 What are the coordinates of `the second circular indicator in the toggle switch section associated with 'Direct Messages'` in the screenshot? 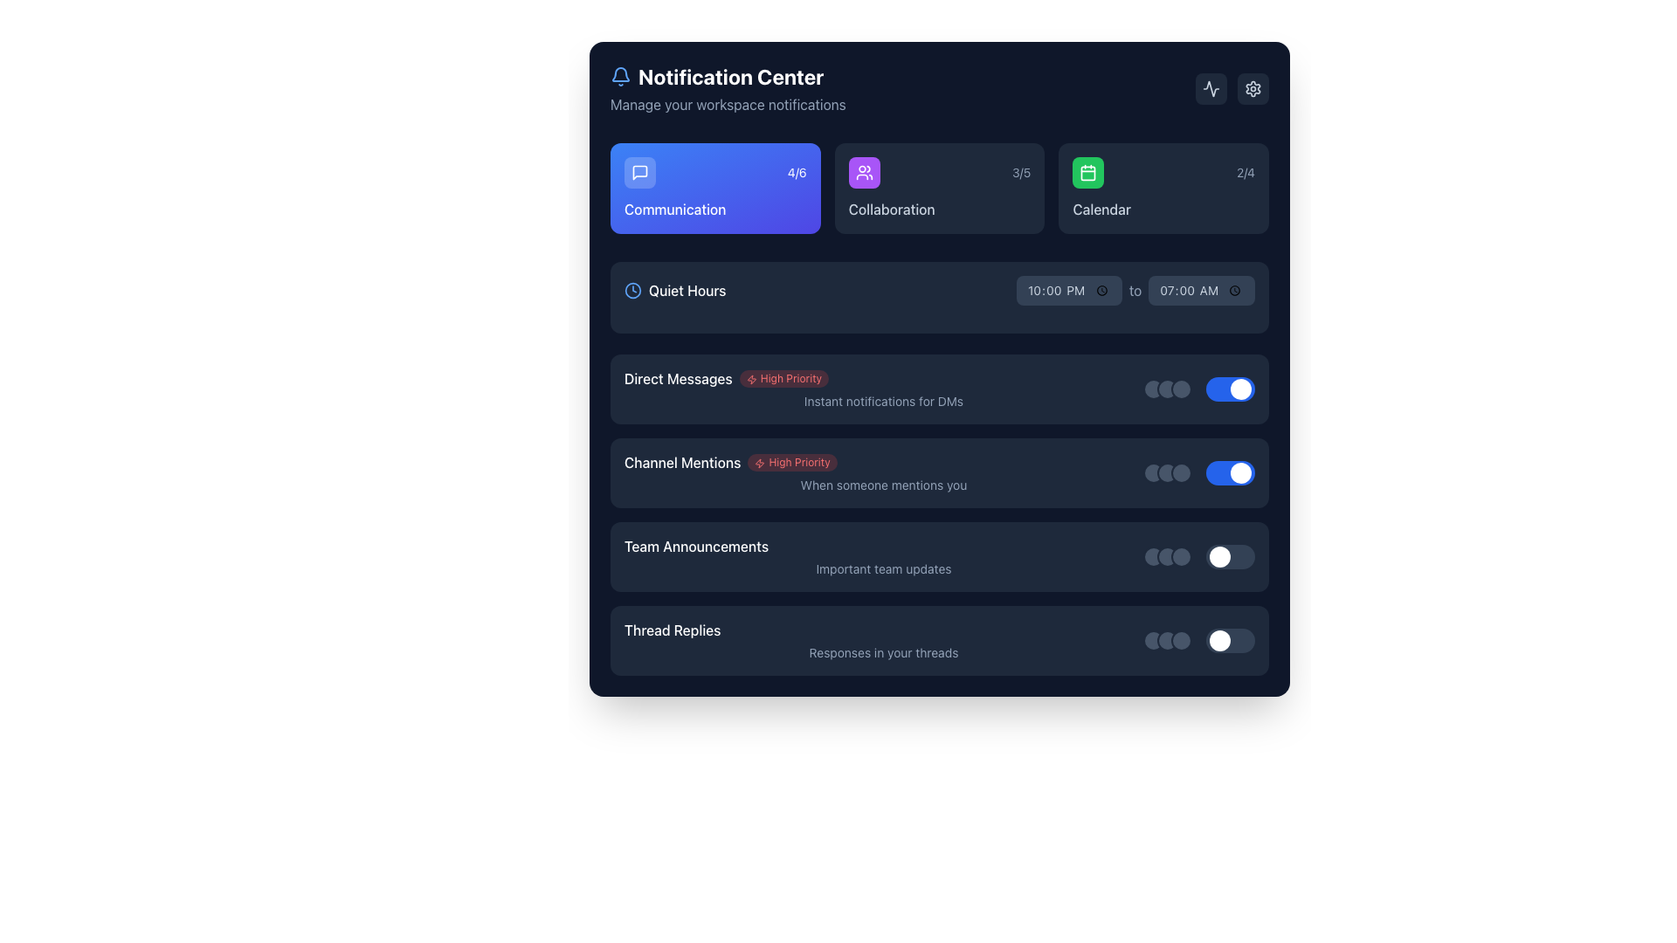 It's located at (1168, 389).